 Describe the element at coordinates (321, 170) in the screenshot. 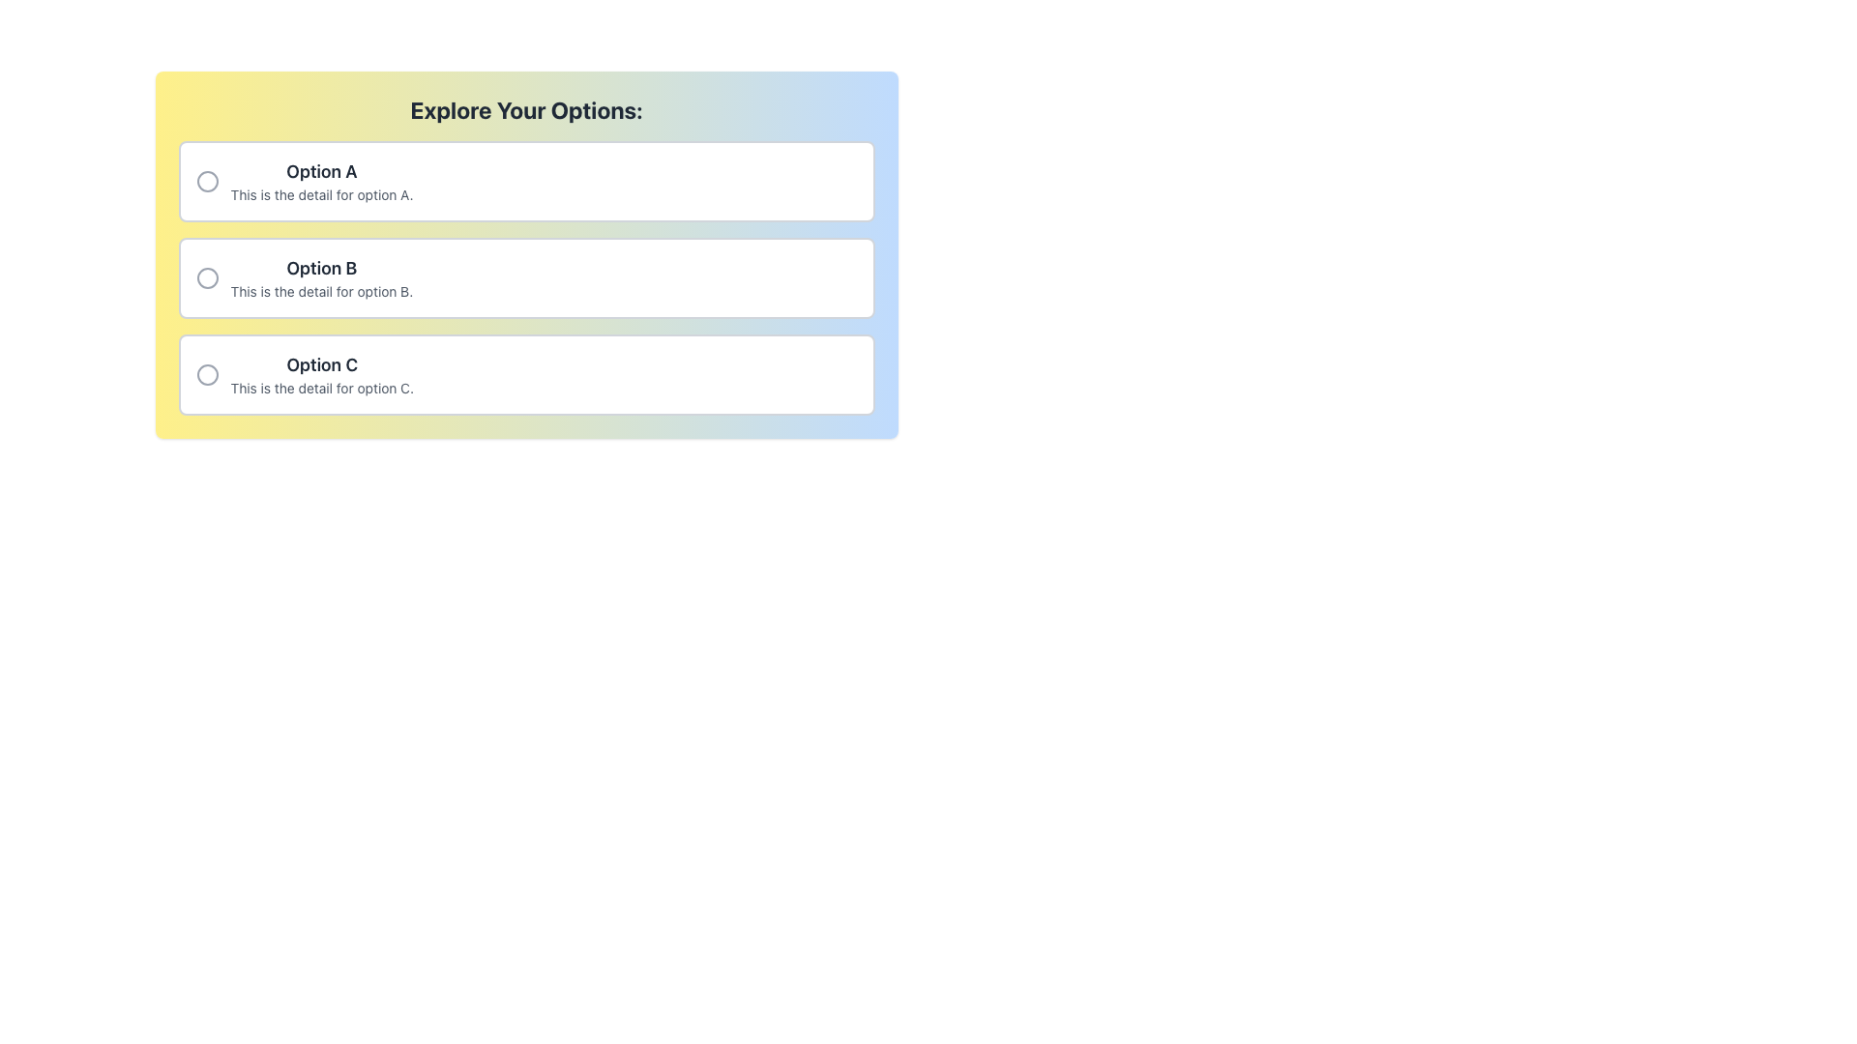

I see `the text label that identifies the first option in the 'Explore Your Options:' menu, which is located above the detail text for option A` at that location.